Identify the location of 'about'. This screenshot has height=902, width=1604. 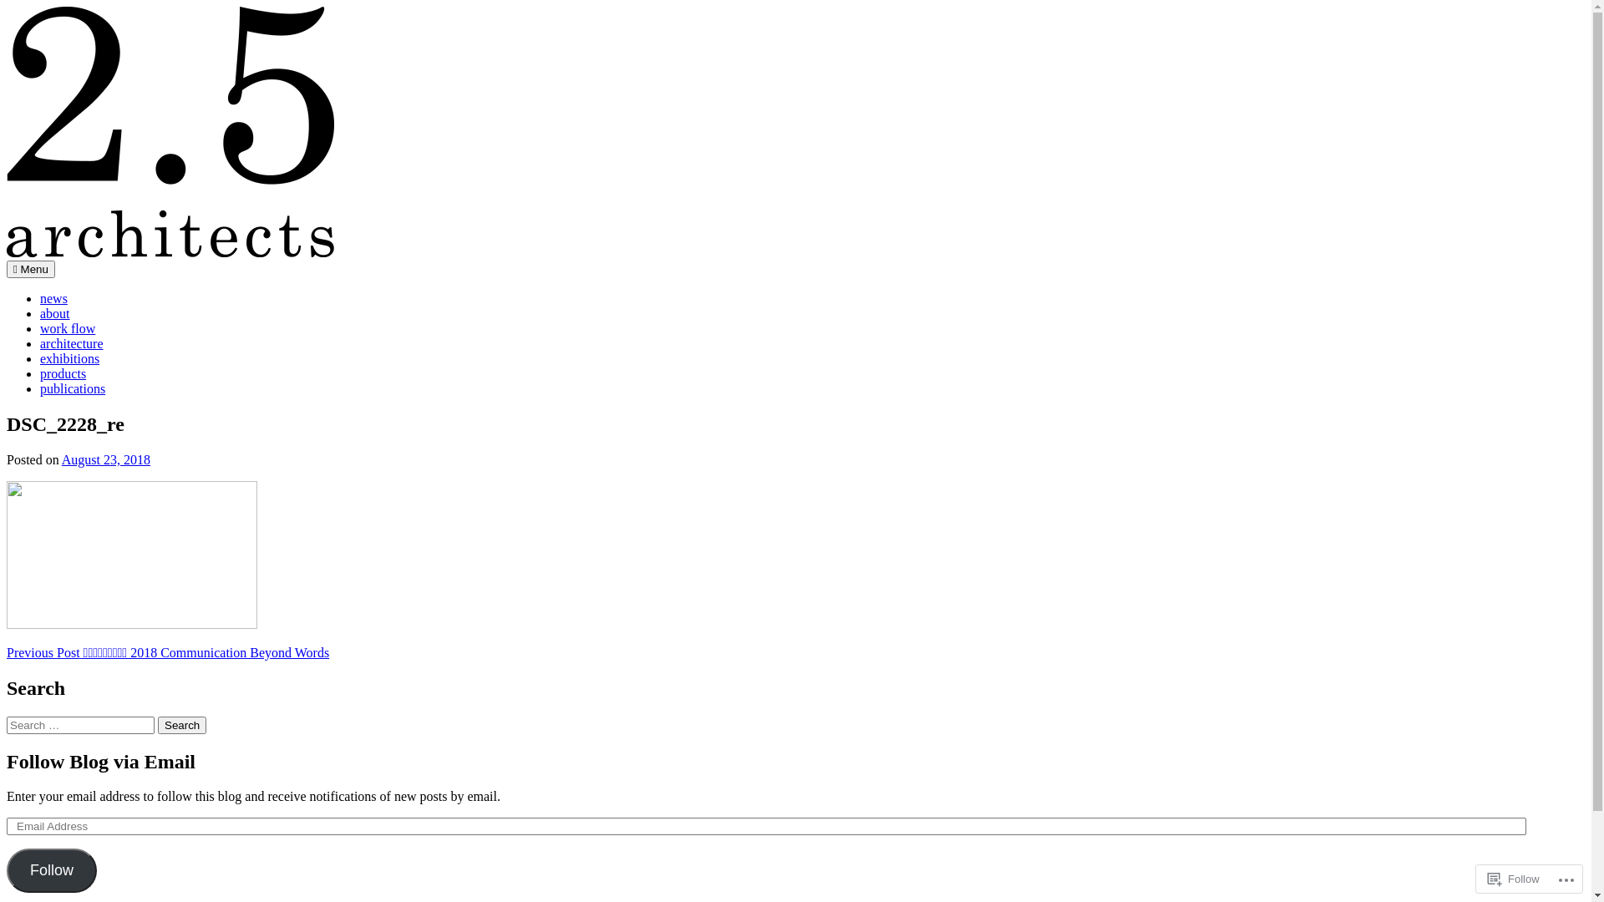
(55, 313).